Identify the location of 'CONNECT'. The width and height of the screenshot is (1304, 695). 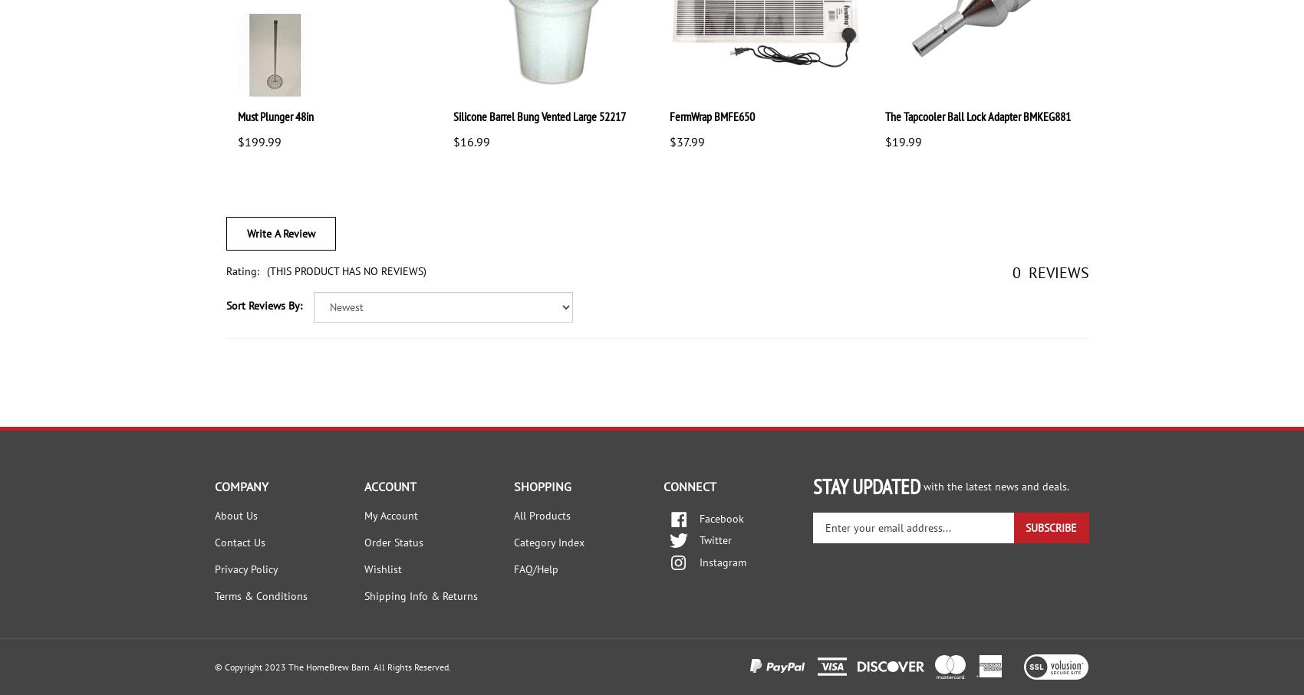
(663, 485).